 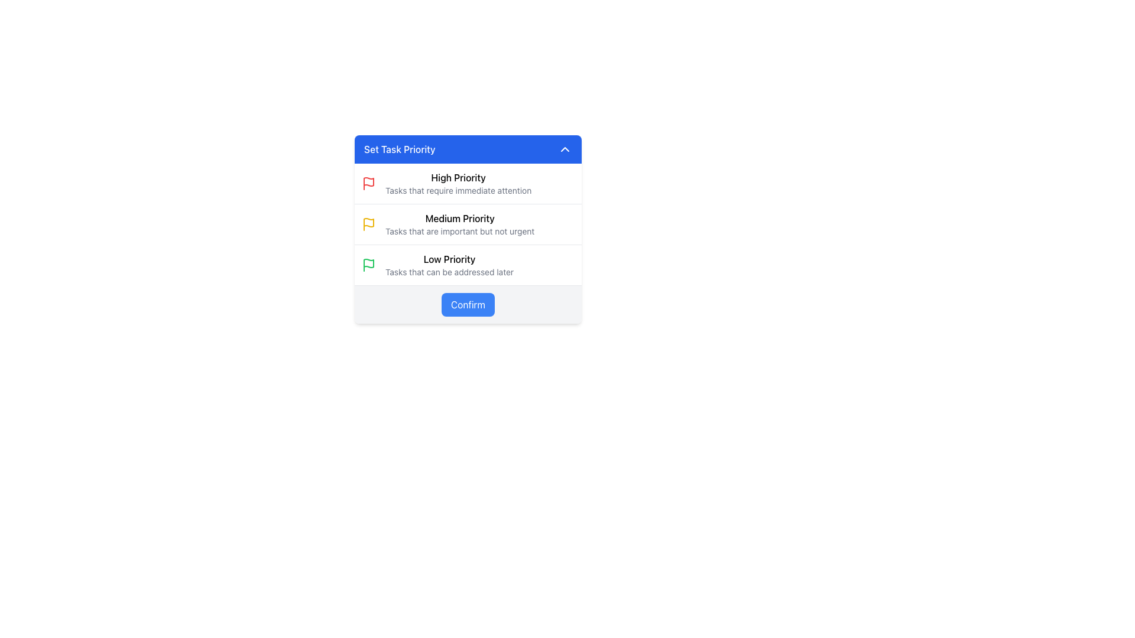 What do you see at coordinates (459, 224) in the screenshot?
I see `the second list item labeled 'Medium Priority' in the 'Set Task Priority' modal` at bounding box center [459, 224].